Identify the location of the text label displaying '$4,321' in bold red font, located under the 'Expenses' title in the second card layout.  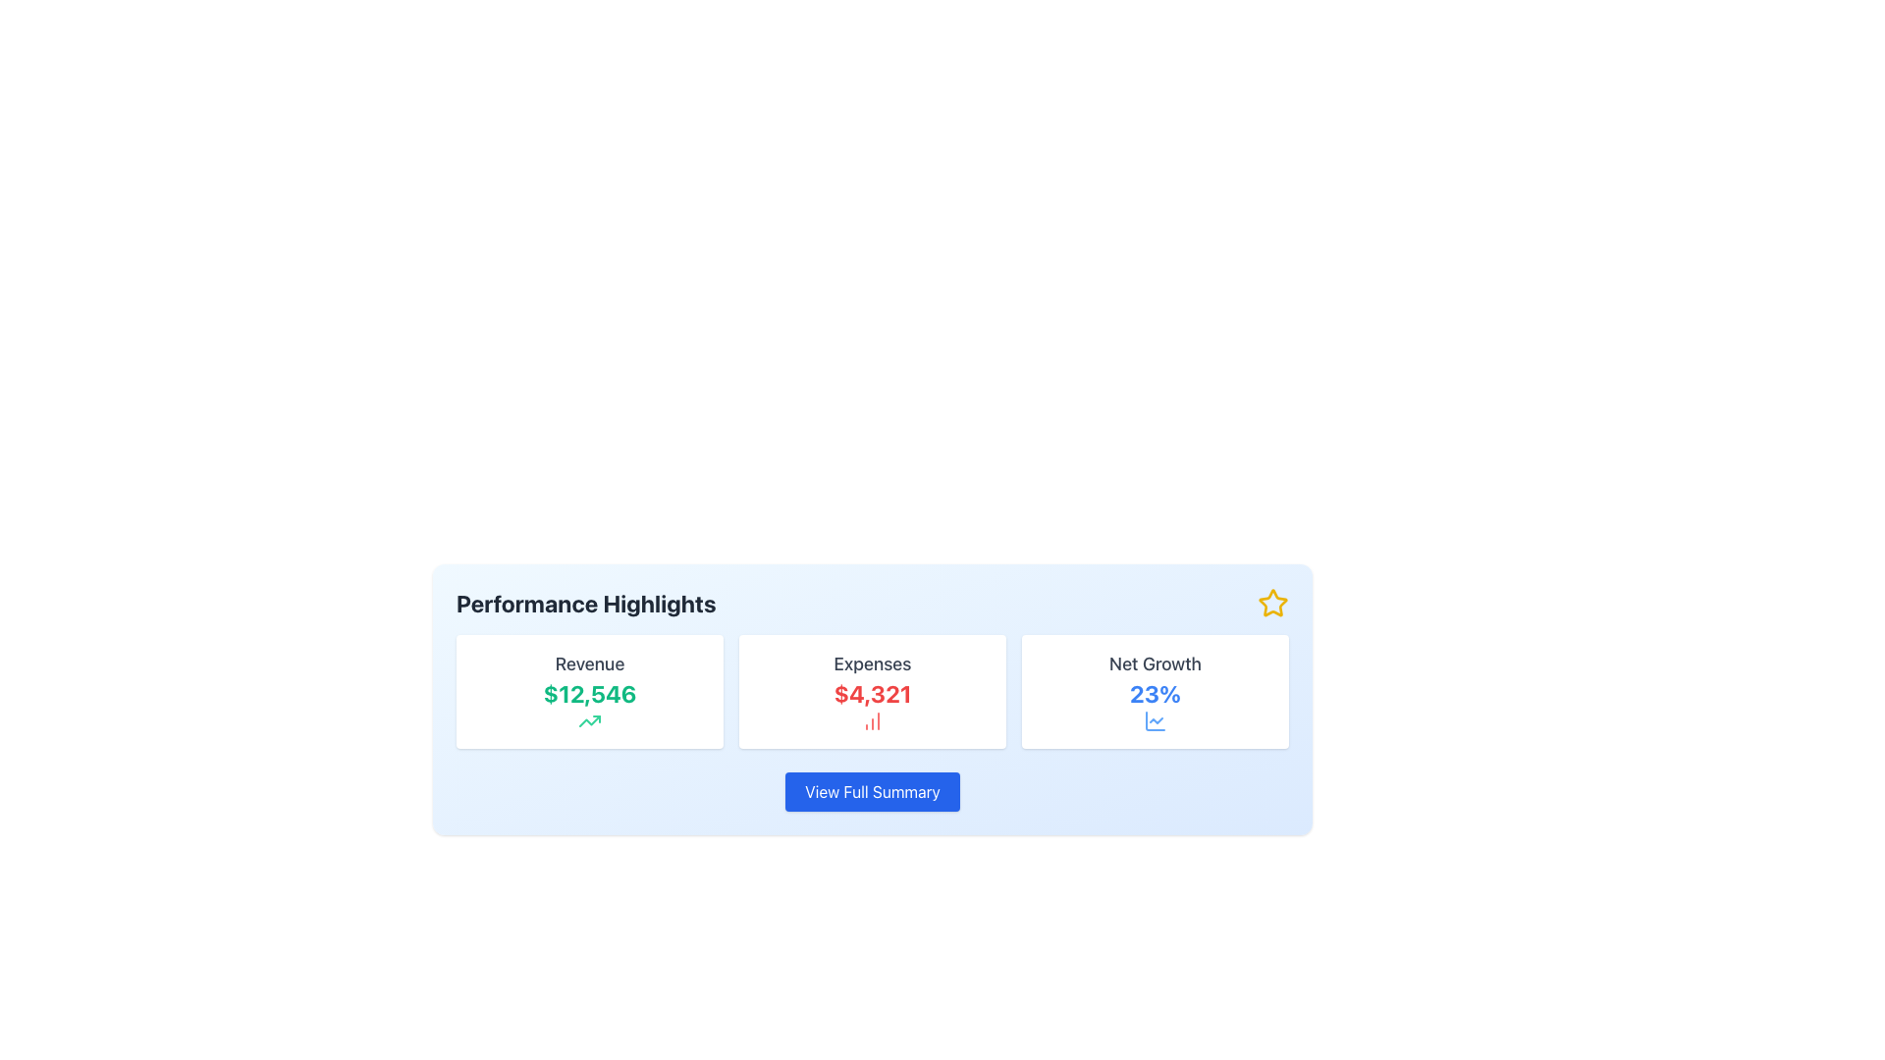
(871, 692).